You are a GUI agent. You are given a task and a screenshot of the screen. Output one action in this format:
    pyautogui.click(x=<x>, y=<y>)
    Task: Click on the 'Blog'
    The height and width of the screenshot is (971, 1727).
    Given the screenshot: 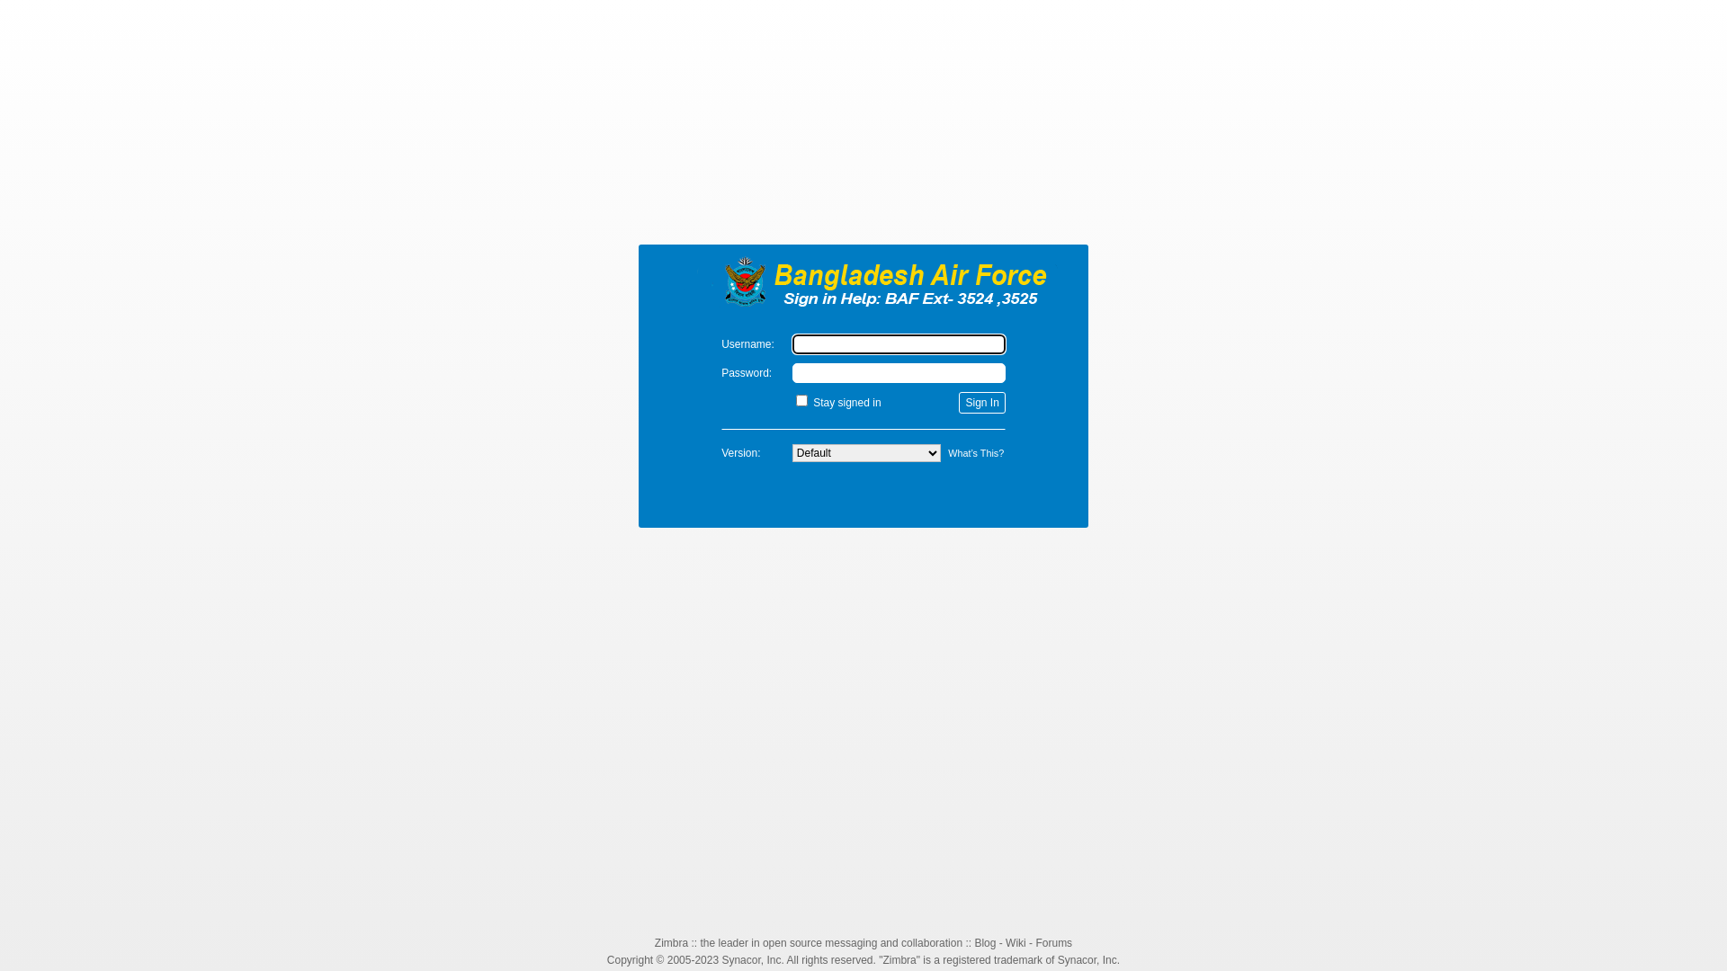 What is the action you would take?
    pyautogui.click(x=983, y=942)
    